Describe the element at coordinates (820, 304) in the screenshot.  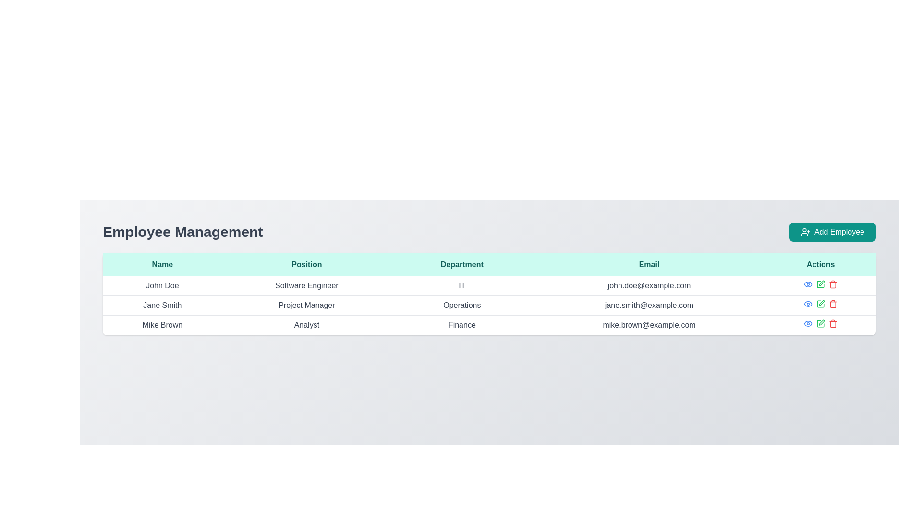
I see `the green pencil icon in the 'Actions' column of the second row in the Employee Management section` at that location.